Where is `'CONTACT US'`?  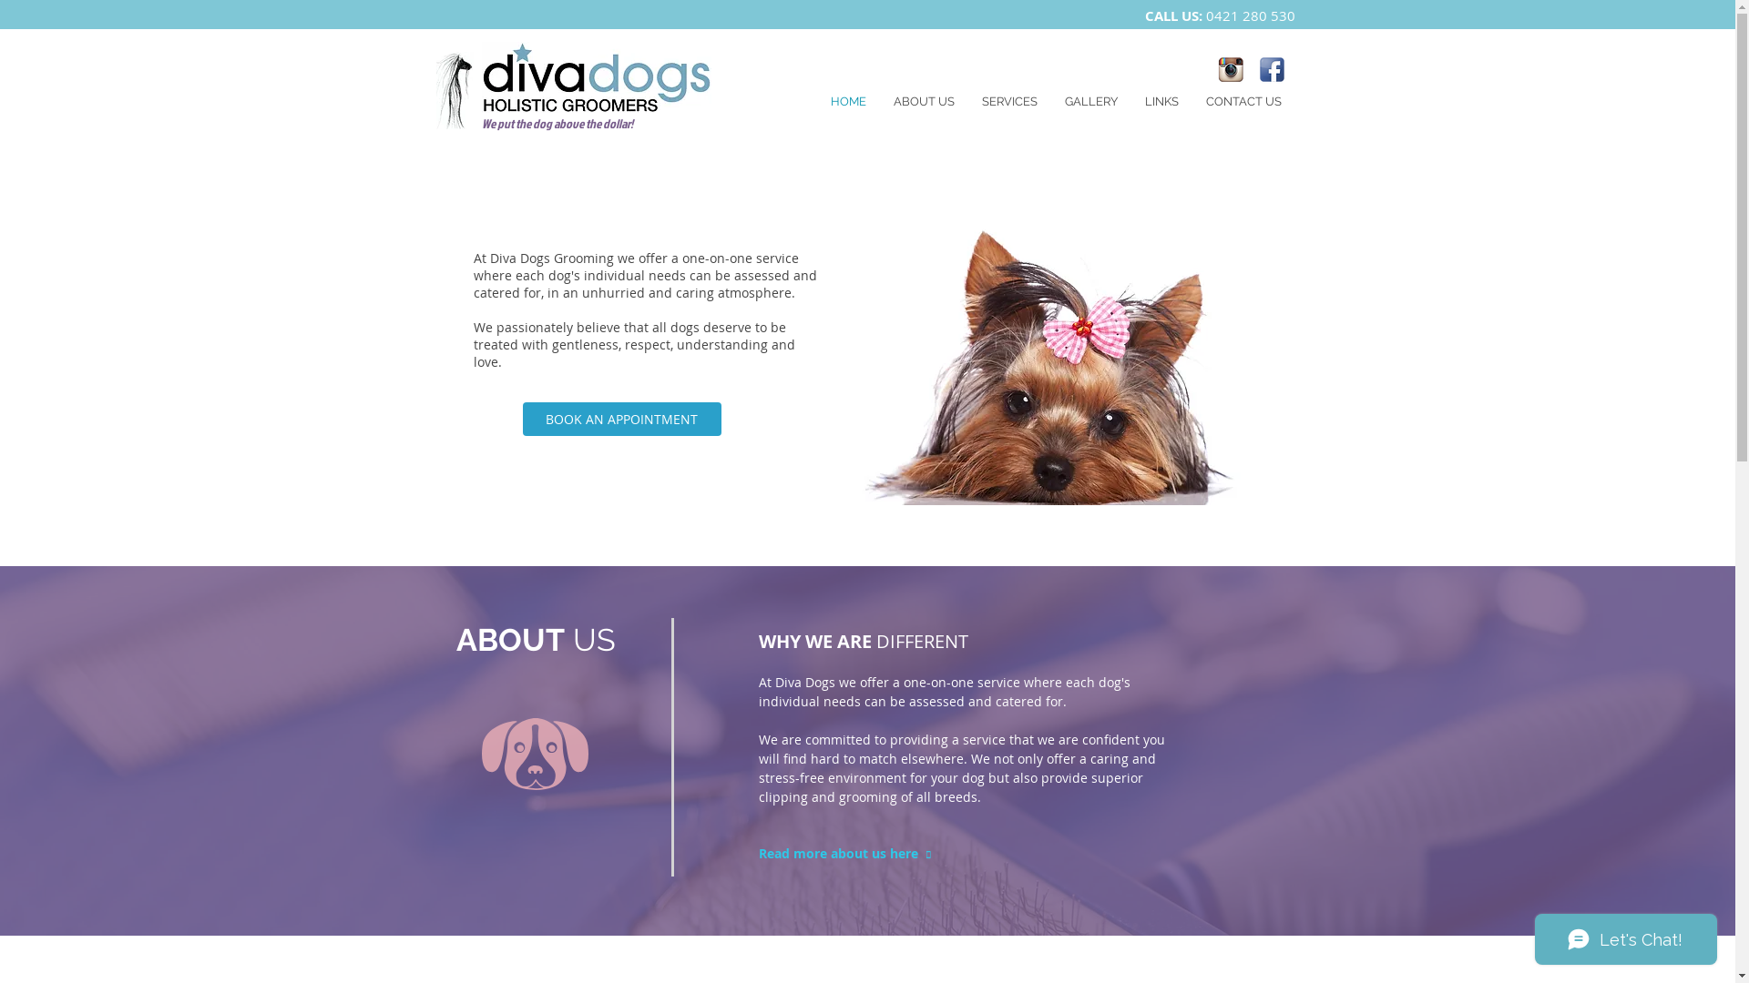 'CONTACT US' is located at coordinates (1242, 101).